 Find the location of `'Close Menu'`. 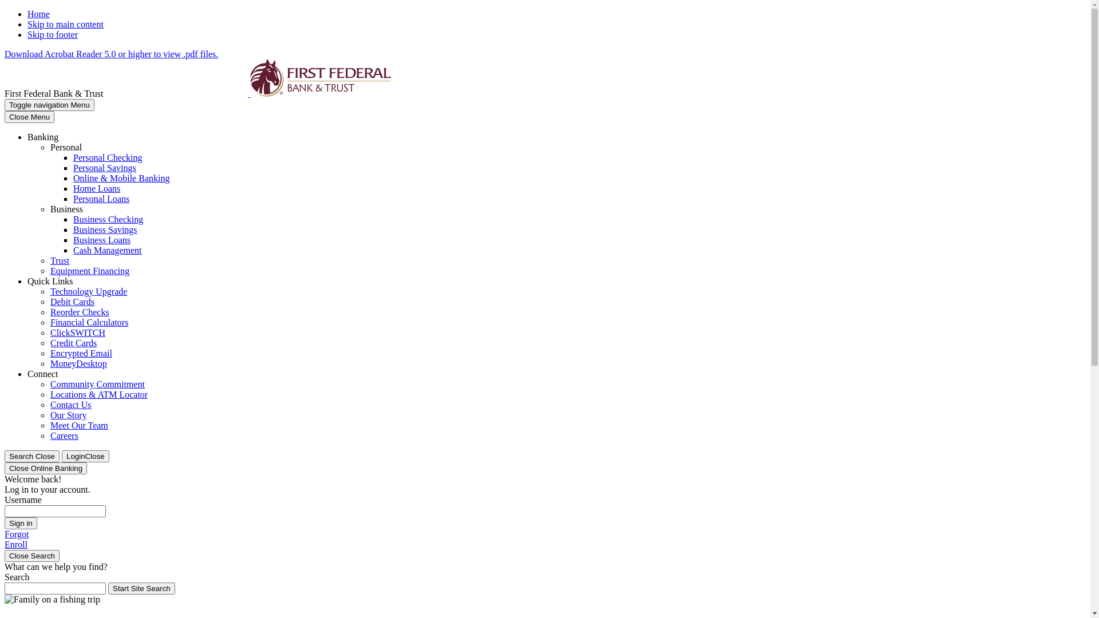

'Close Menu' is located at coordinates (29, 117).